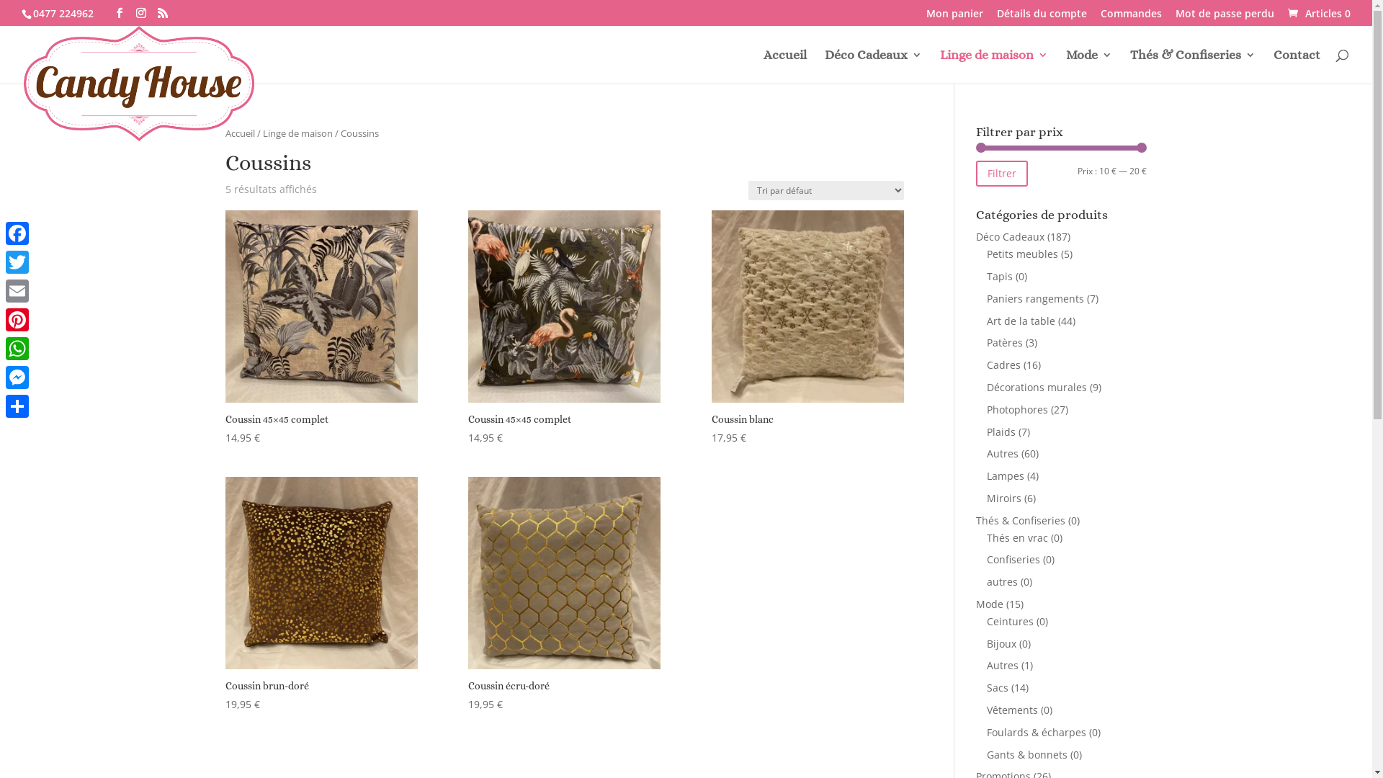 The width and height of the screenshot is (1383, 778). What do you see at coordinates (1002, 452) in the screenshot?
I see `'Autres'` at bounding box center [1002, 452].